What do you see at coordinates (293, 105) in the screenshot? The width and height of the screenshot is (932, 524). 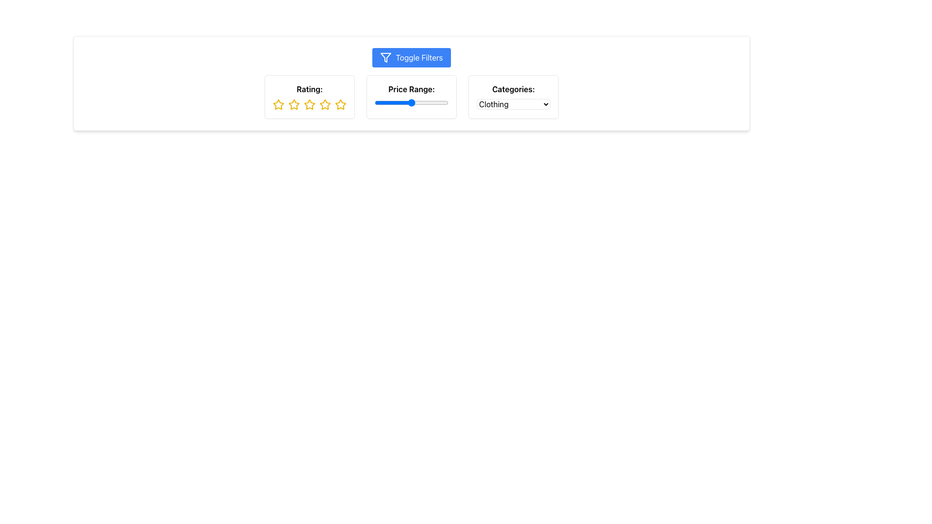 I see `the second rating star from the left within the rating component` at bounding box center [293, 105].